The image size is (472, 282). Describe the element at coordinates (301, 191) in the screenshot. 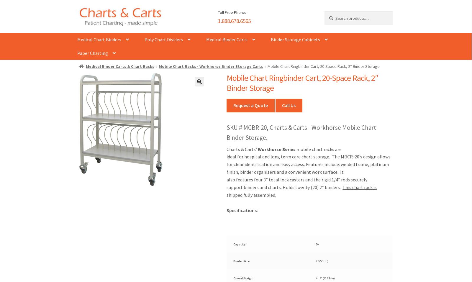

I see `'This chart rack is shipped fully assembled'` at that location.